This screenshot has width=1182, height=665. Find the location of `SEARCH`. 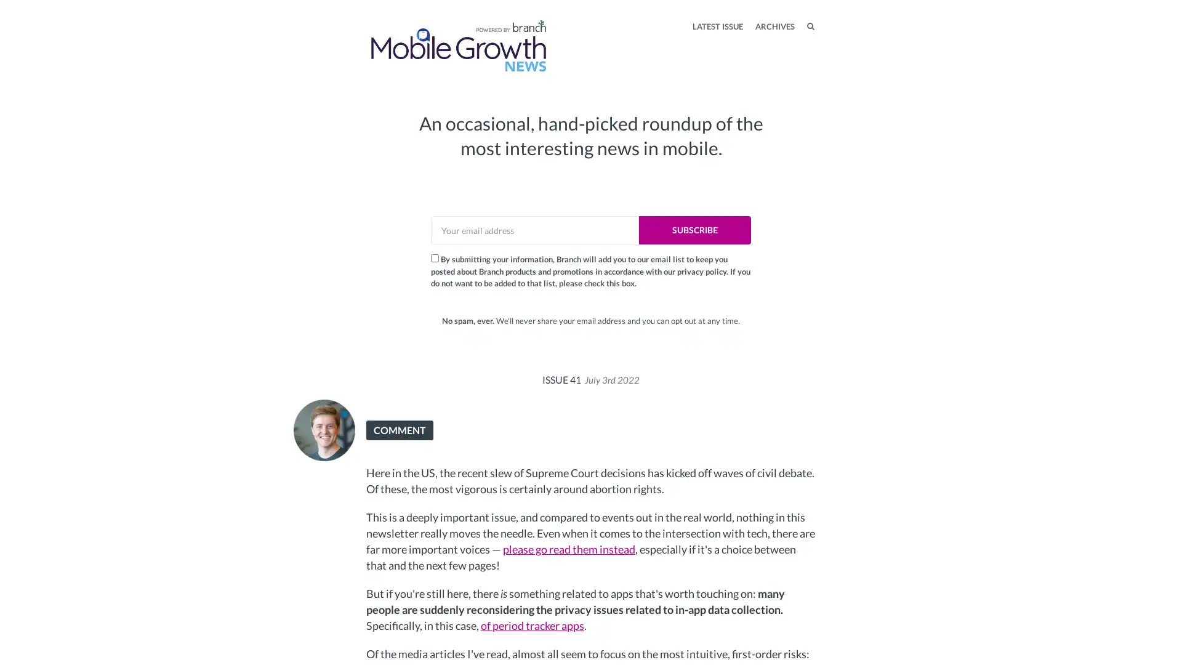

SEARCH is located at coordinates (784, 26).